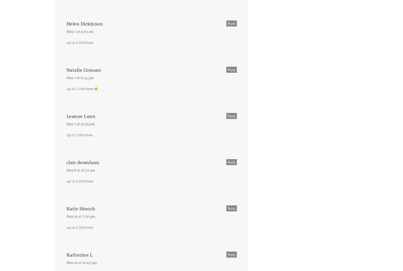 Image resolution: width=403 pixels, height=271 pixels. What do you see at coordinates (81, 262) in the screenshot?
I see `'May 10 at 10:40 pm'` at bounding box center [81, 262].